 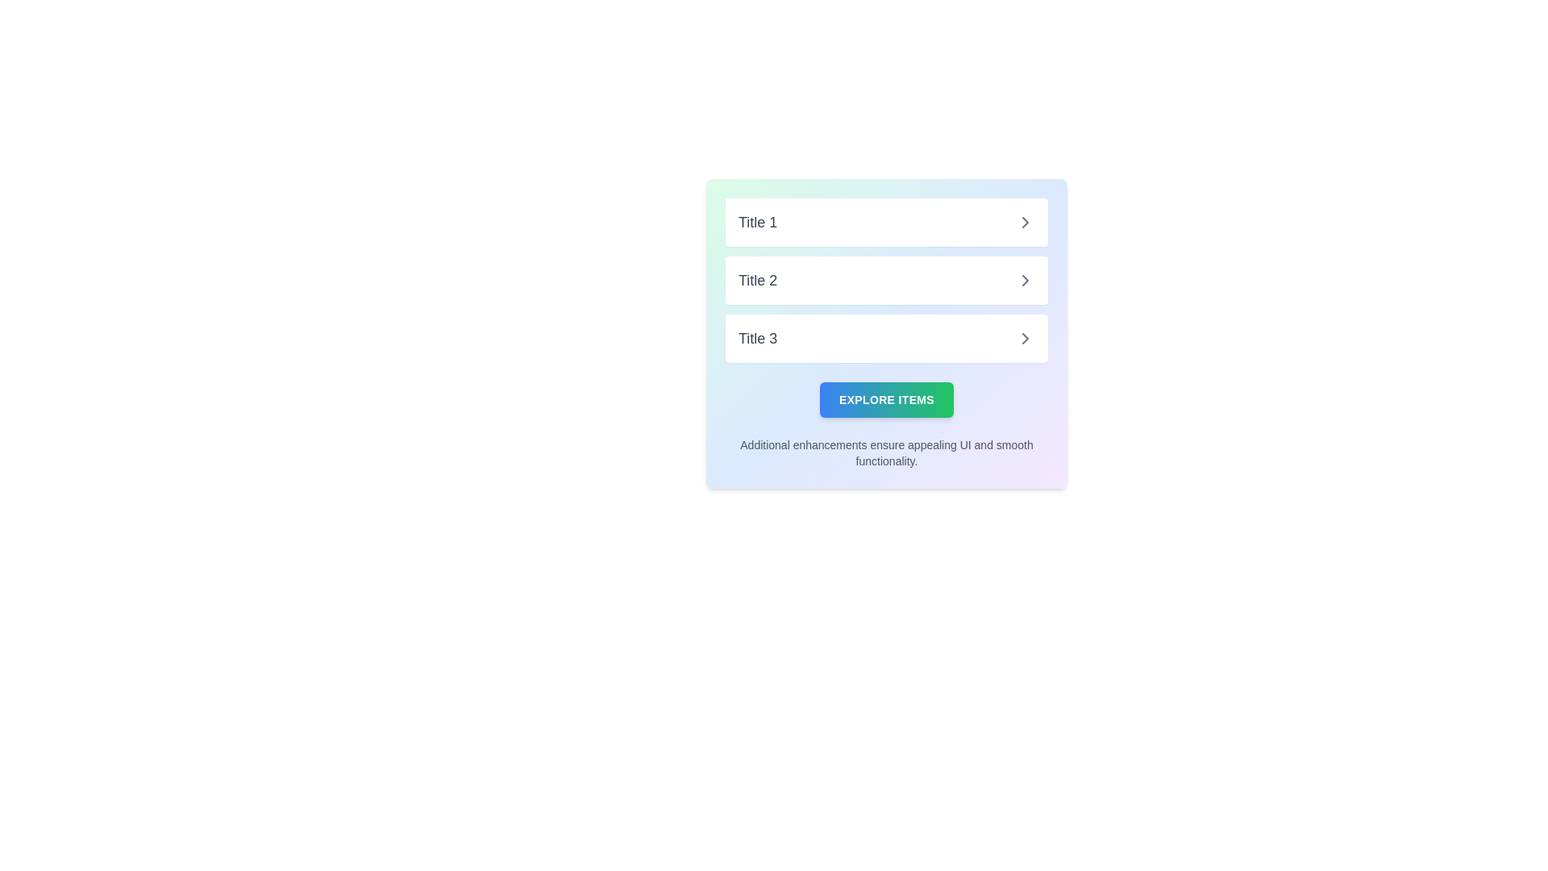 I want to click on the static text label that serves as the title for the first item in the vertical list, located in the upper portion of the vertical list box and aligned with a chevron icon, so click(x=757, y=223).